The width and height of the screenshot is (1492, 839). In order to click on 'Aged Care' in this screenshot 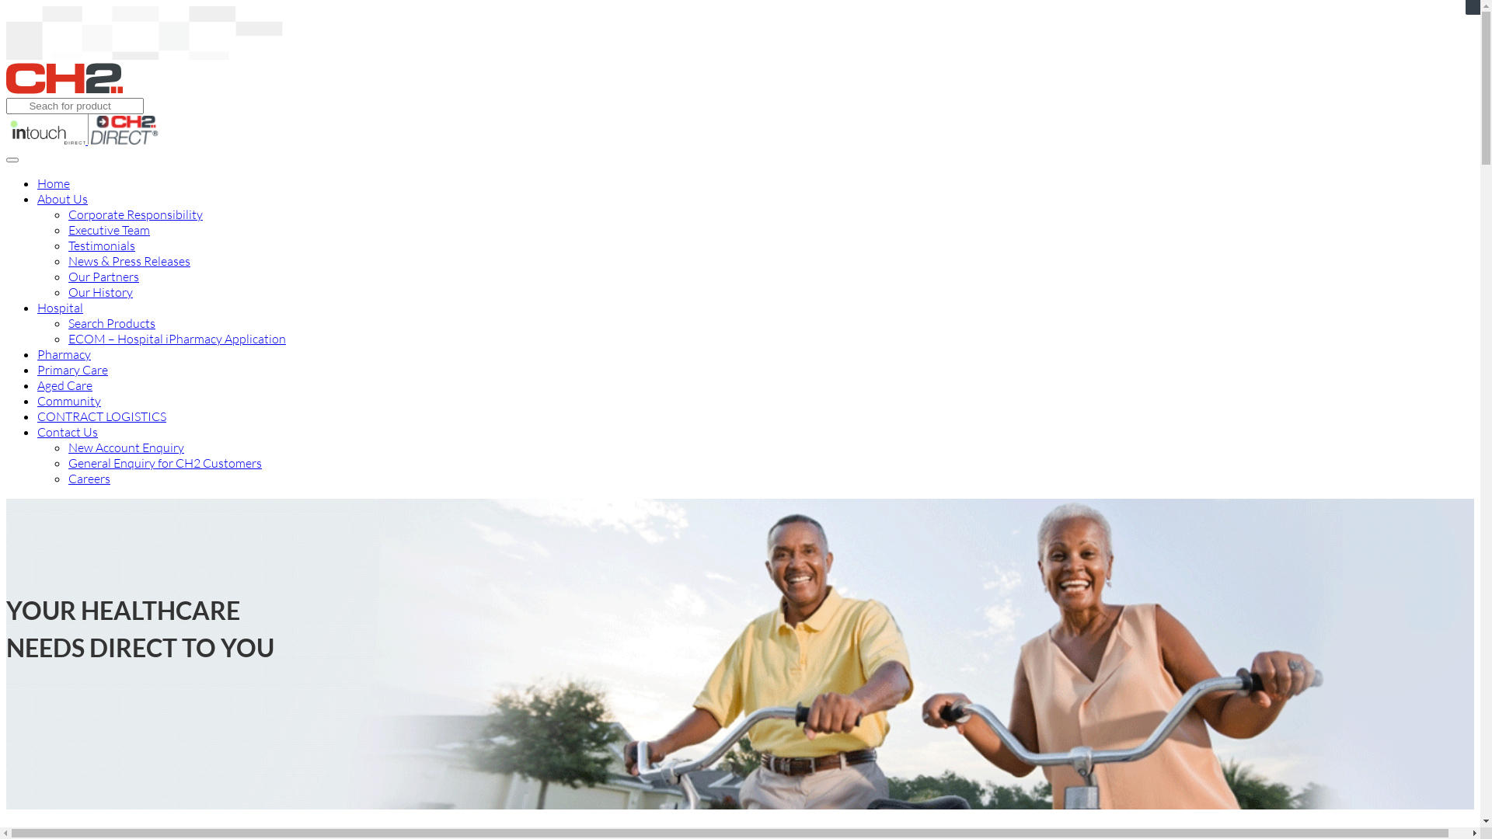, I will do `click(64, 385)`.